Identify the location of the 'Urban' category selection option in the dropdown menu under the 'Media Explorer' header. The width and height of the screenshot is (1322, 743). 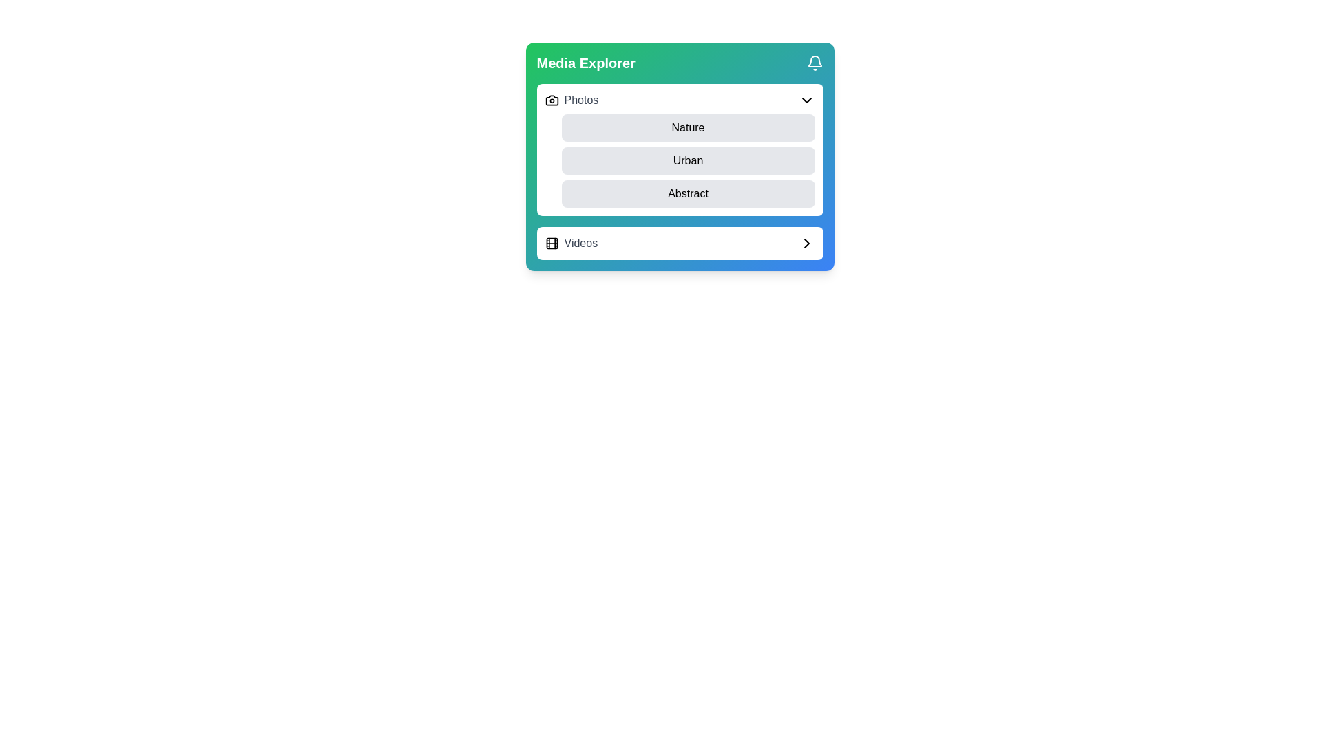
(688, 160).